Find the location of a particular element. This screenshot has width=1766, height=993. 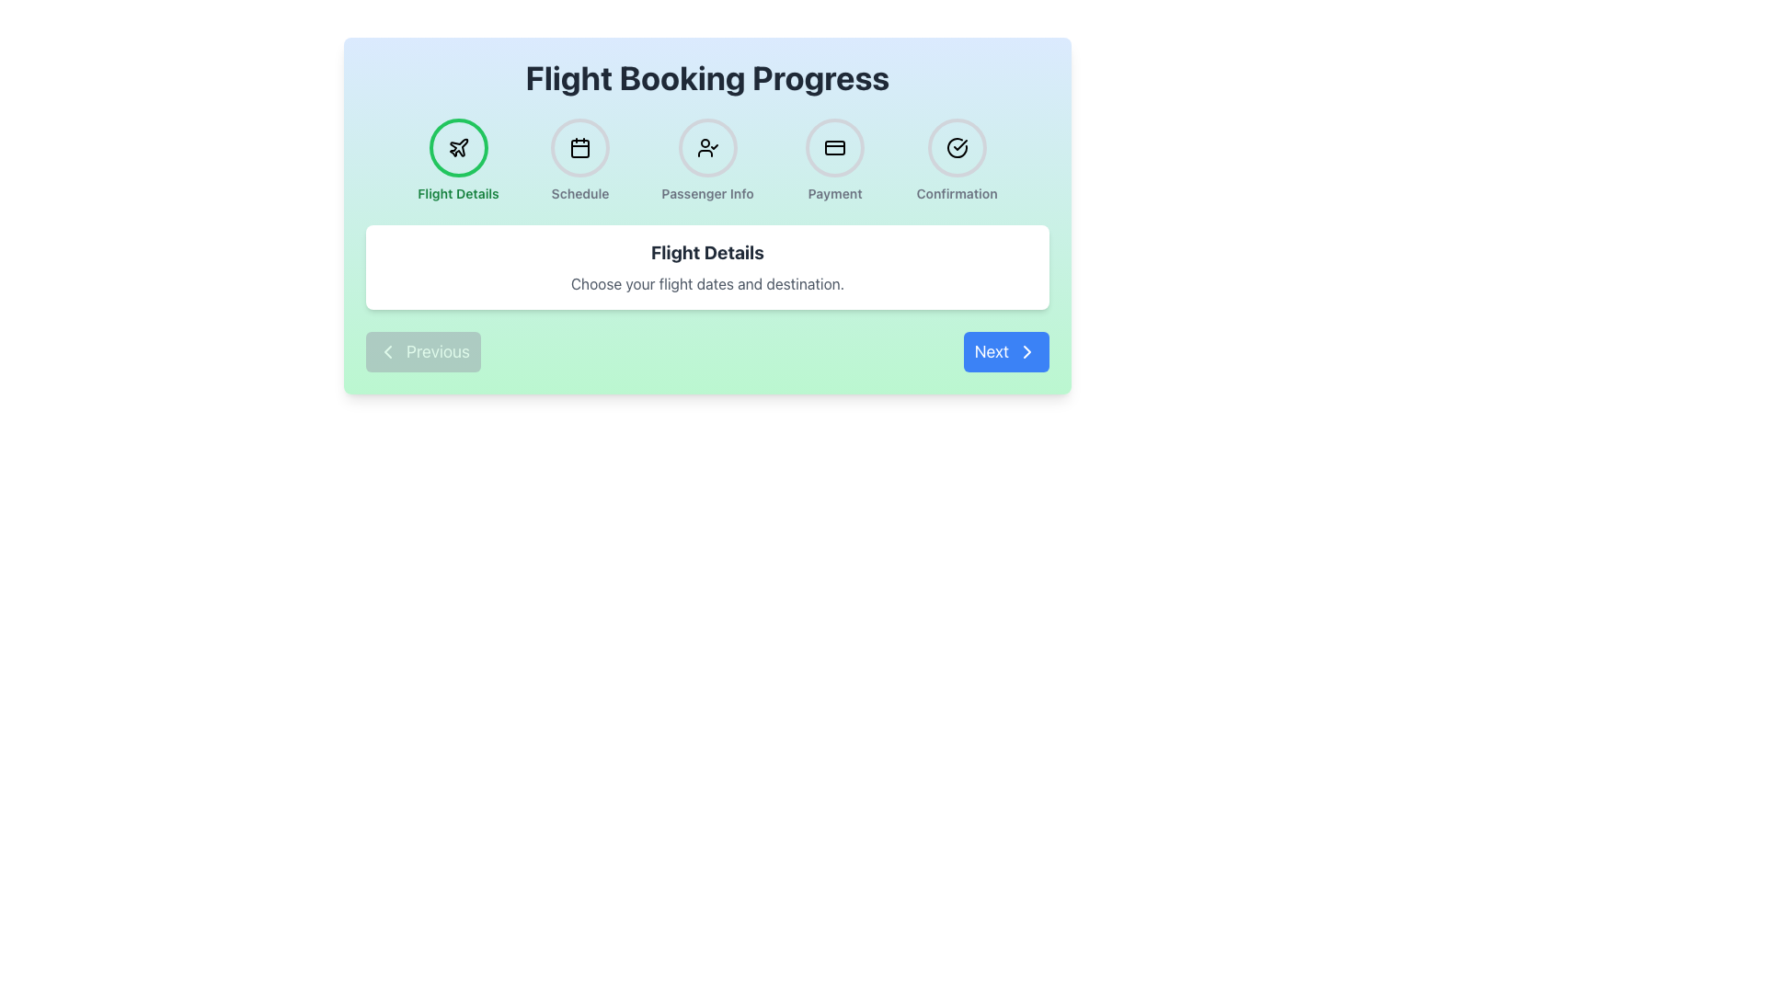

the 'Next' button located in the bottom-right region of the interface, which is visually indicated by an icon is located at coordinates (1026, 351).